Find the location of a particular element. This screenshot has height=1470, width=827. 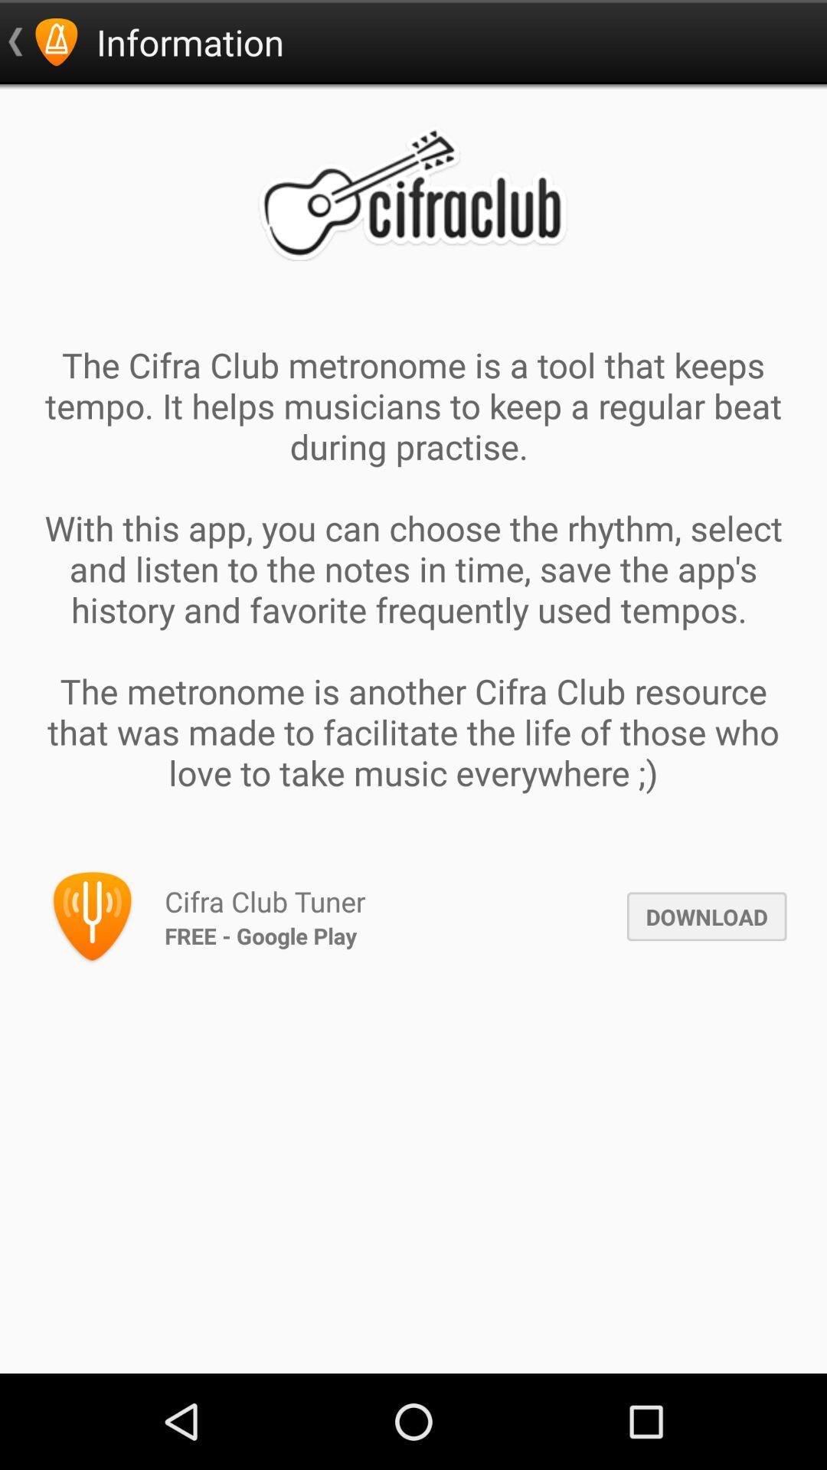

download icon is located at coordinates (707, 916).